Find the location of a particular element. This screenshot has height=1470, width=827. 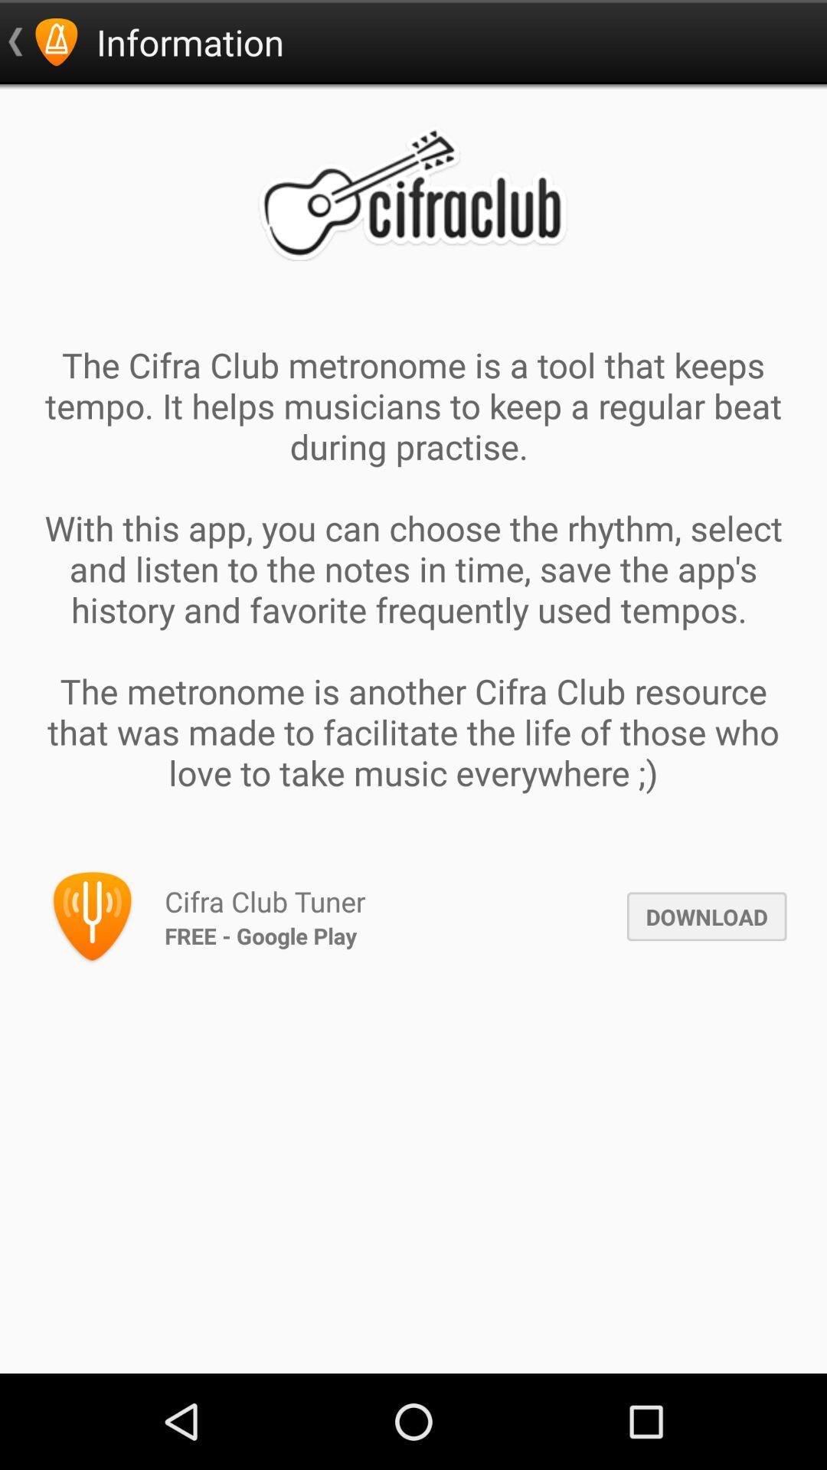

download icon is located at coordinates (707, 916).